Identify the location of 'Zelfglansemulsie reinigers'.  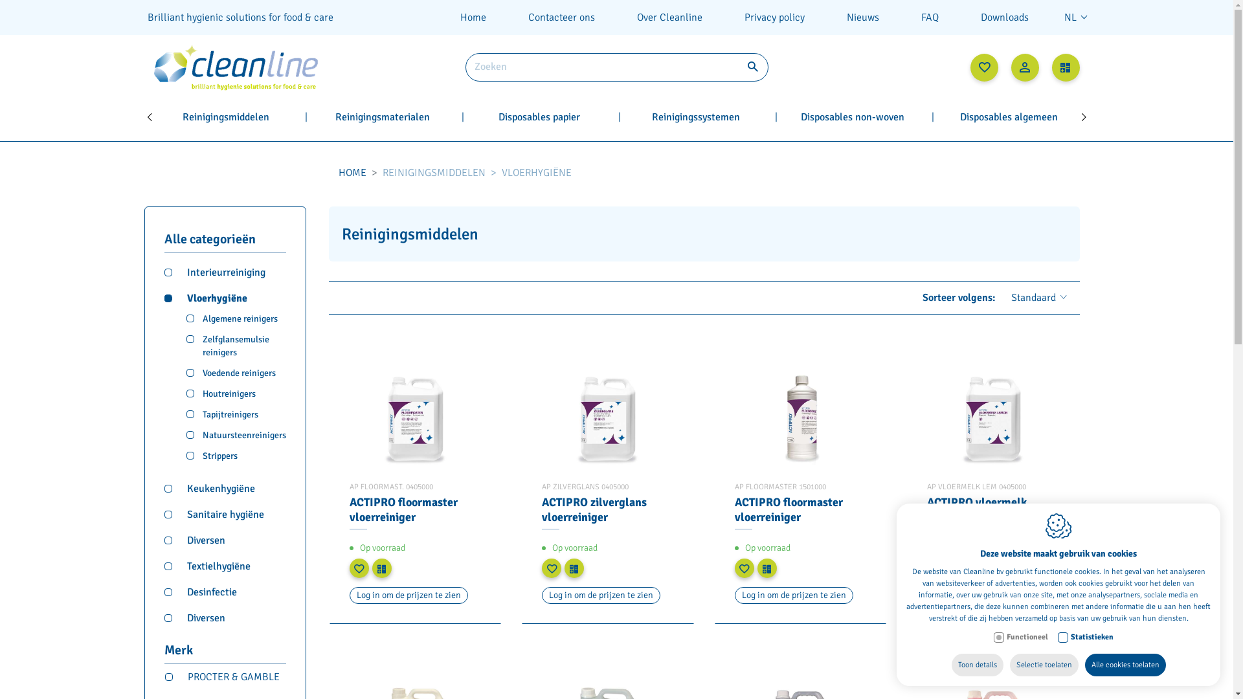
(186, 341).